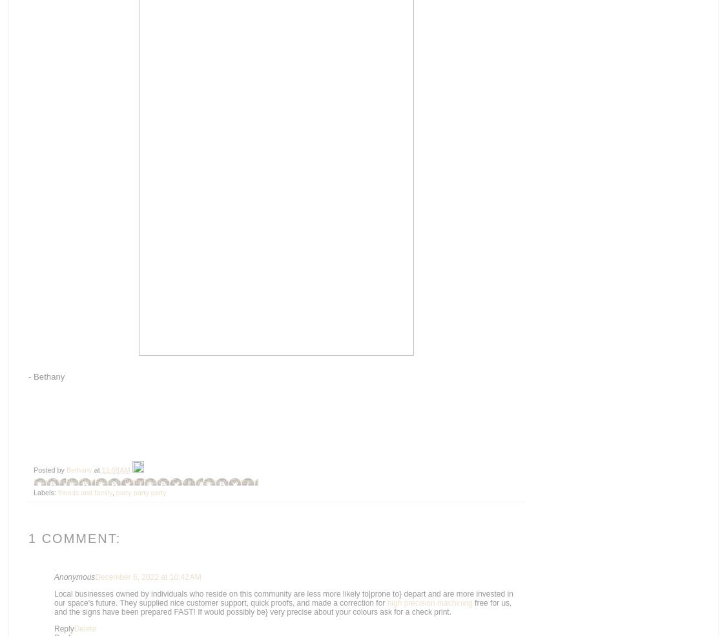 This screenshot has width=722, height=636. Describe the element at coordinates (65, 480) in the screenshot. I see `'BlogThis!'` at that location.